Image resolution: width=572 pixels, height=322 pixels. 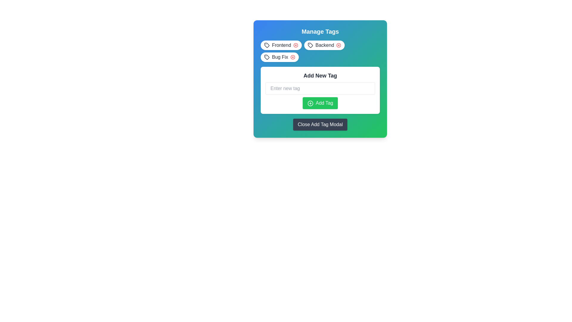 What do you see at coordinates (279, 57) in the screenshot?
I see `the 'Bug Fix' tag-style label within the 'Manage Tags' modal` at bounding box center [279, 57].